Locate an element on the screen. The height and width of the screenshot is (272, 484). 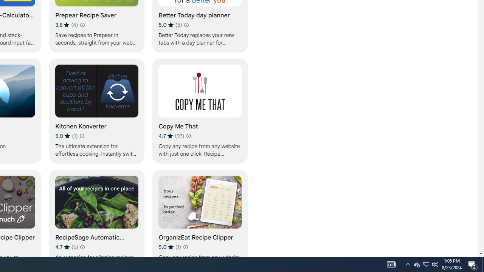
'Average rating 4.7 out of 5 stars. 6 ratings.' is located at coordinates (67, 247).